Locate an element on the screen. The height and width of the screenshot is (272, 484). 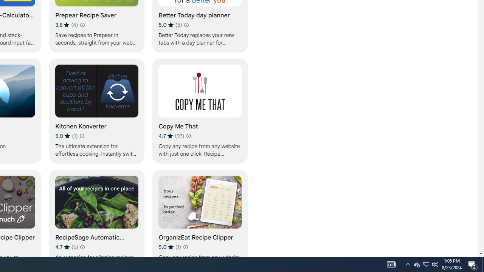
'Average rating 4.7 out of 5 stars. 6 ratings.' is located at coordinates (67, 247).